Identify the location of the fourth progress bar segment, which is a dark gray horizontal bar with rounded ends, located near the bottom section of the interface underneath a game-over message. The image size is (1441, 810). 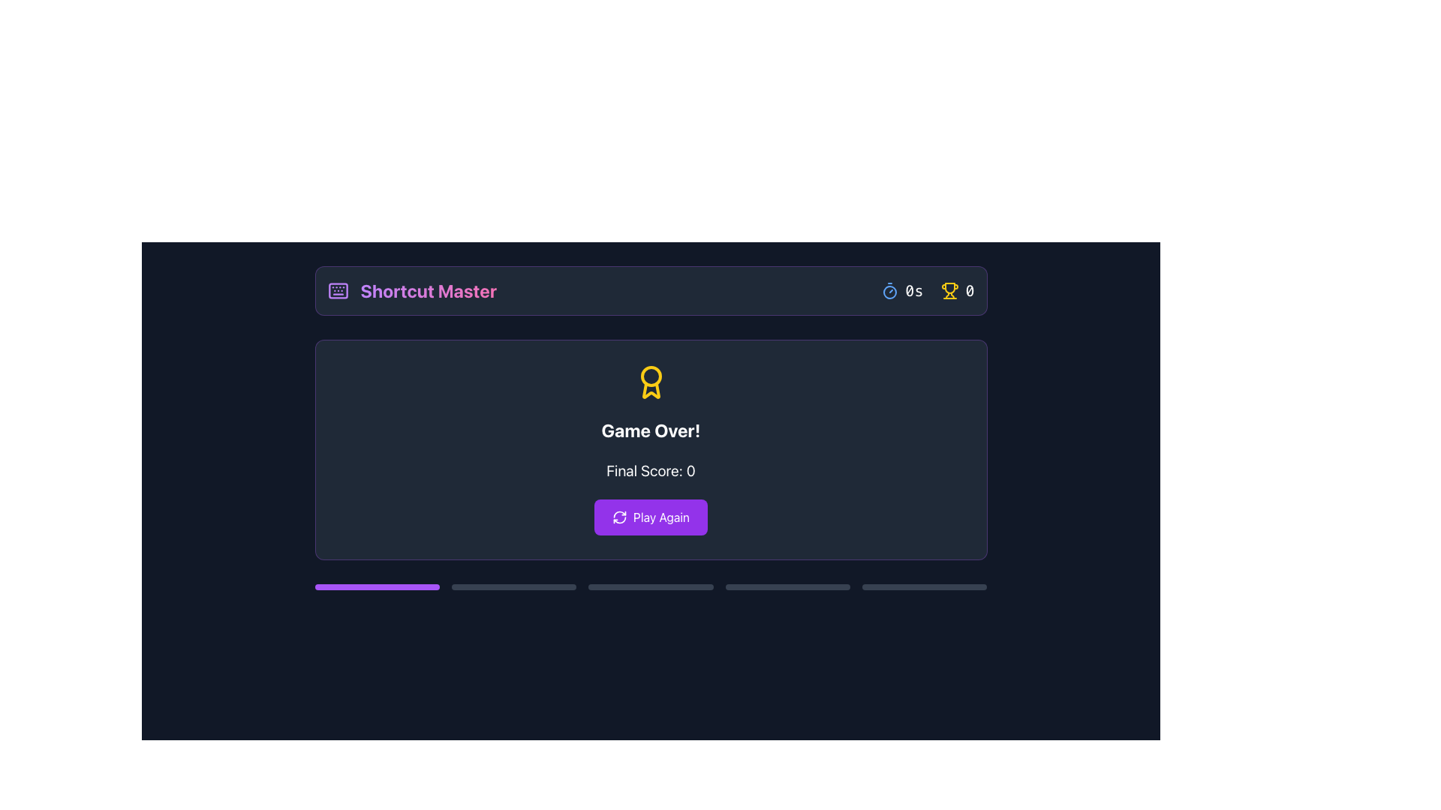
(787, 586).